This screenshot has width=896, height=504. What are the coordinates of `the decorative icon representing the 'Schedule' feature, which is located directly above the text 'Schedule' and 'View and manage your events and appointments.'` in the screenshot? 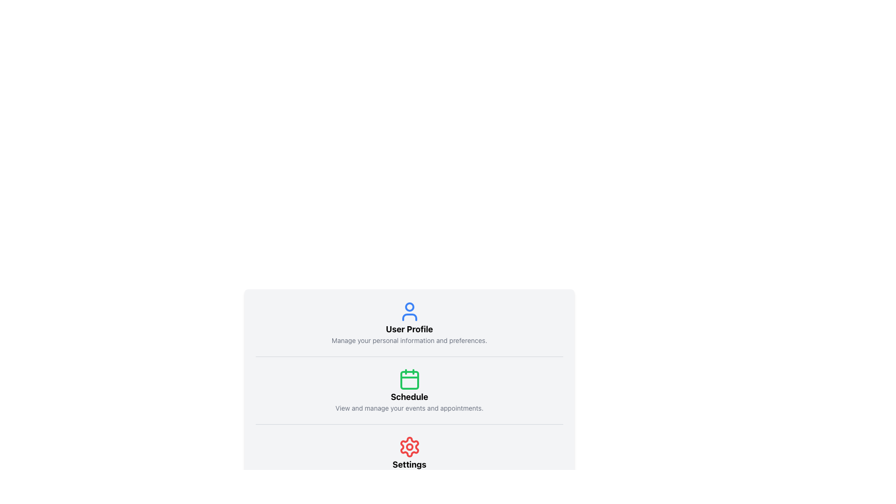 It's located at (409, 379).